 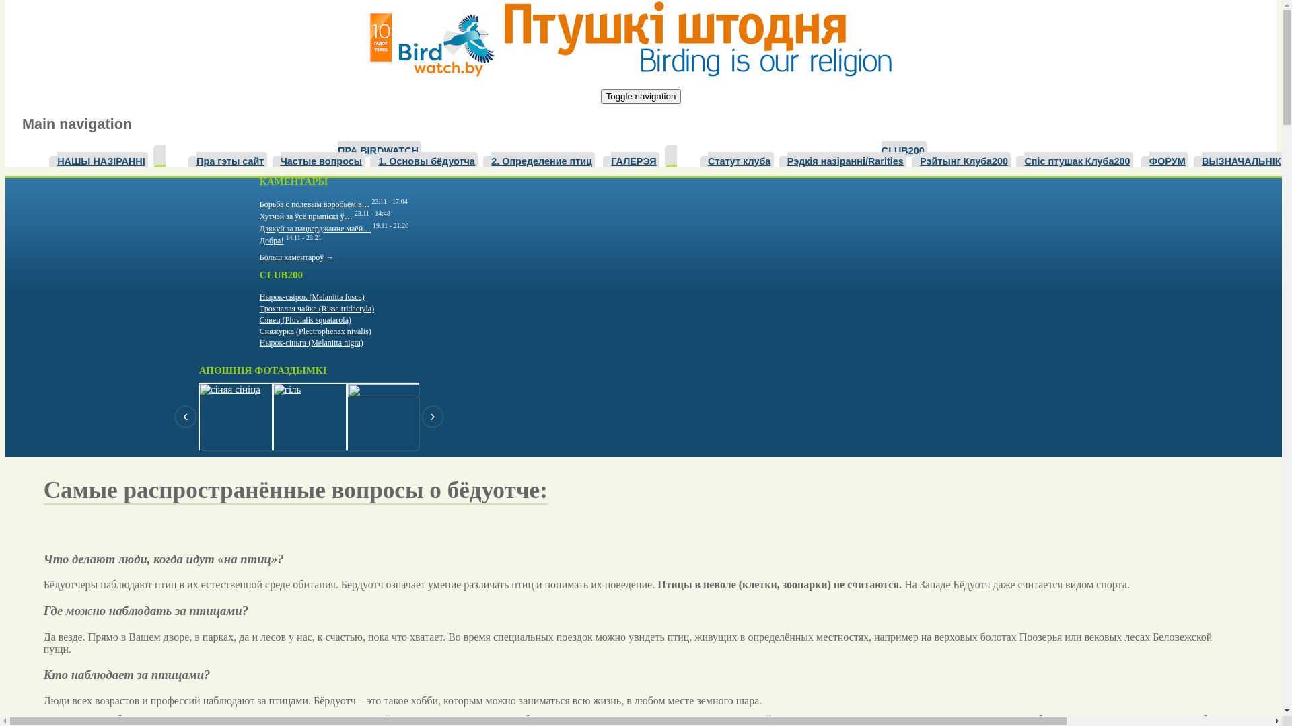 What do you see at coordinates (904, 149) in the screenshot?
I see `'CLUB200'` at bounding box center [904, 149].